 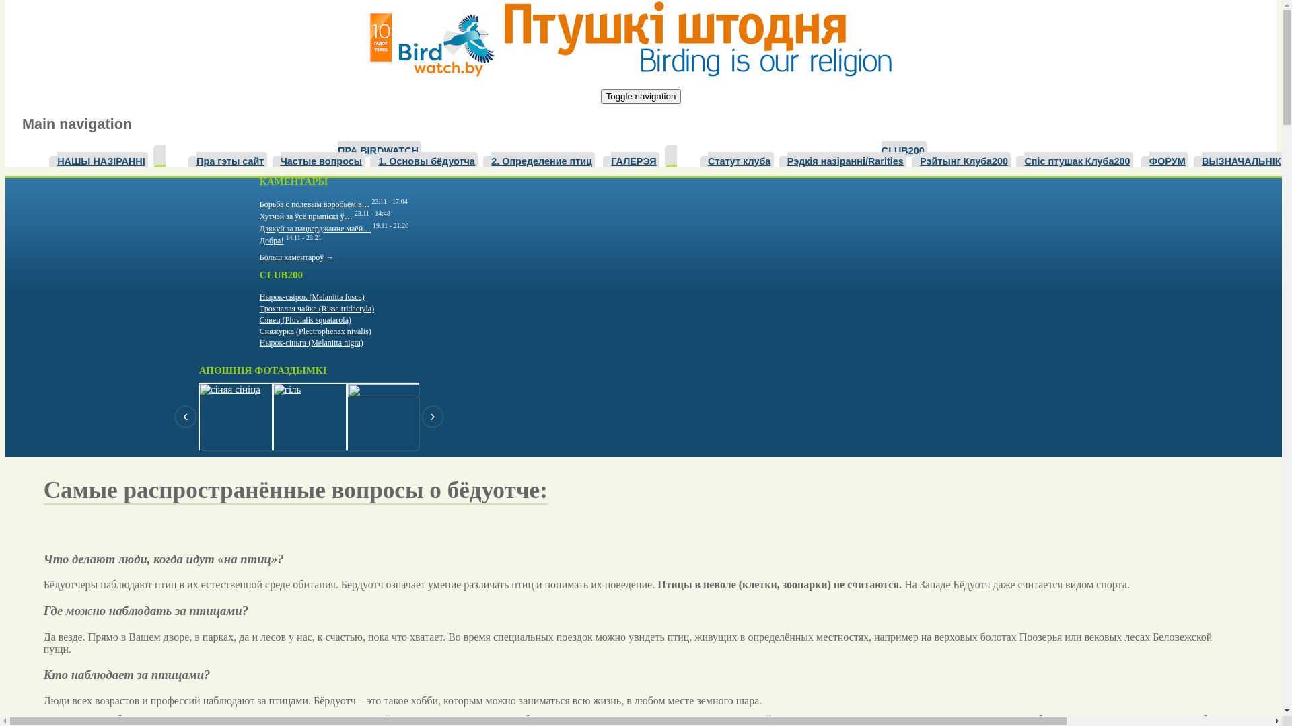 What do you see at coordinates (904, 149) in the screenshot?
I see `'CLUB200'` at bounding box center [904, 149].